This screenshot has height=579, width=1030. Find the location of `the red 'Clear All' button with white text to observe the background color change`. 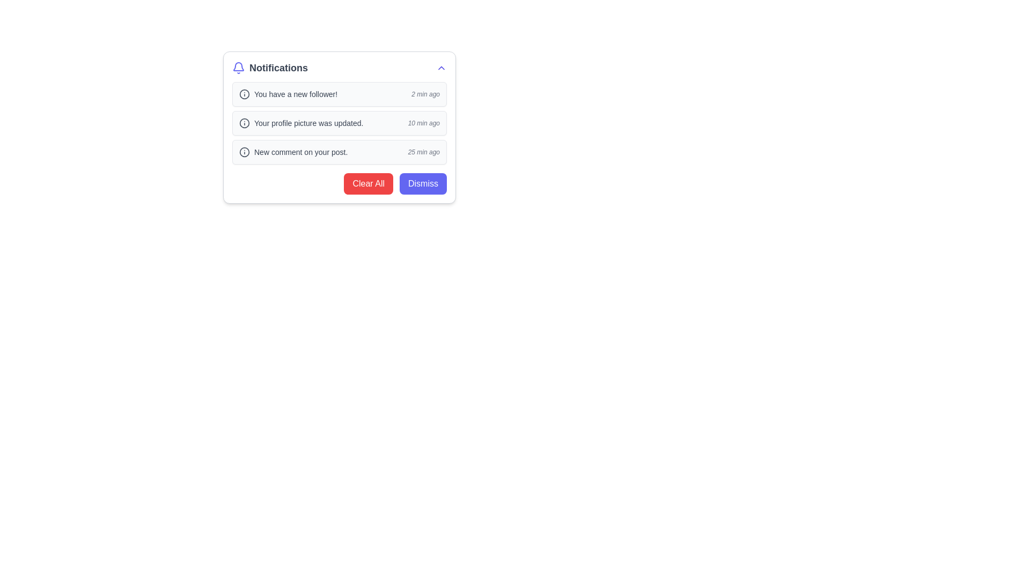

the red 'Clear All' button with white text to observe the background color change is located at coordinates (369, 183).